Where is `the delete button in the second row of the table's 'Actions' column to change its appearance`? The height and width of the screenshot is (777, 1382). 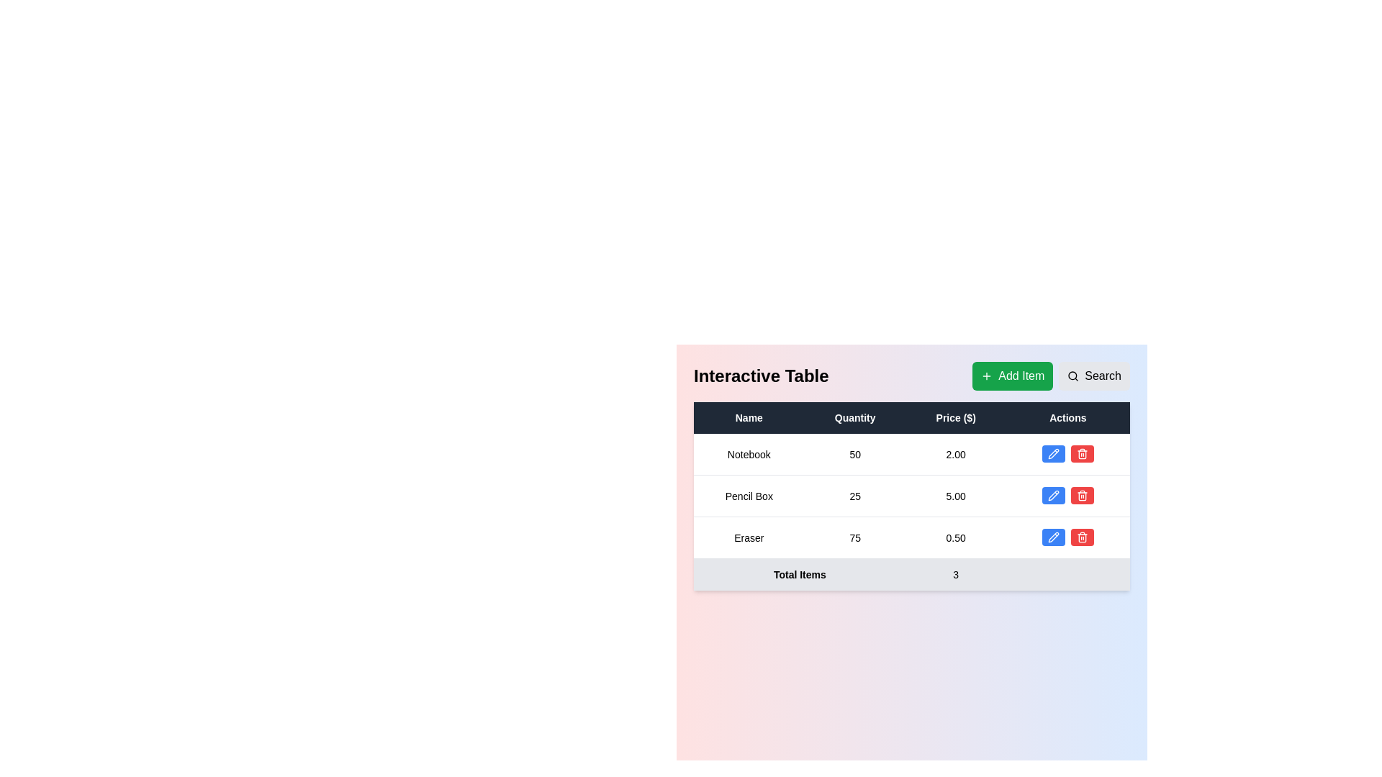 the delete button in the second row of the table's 'Actions' column to change its appearance is located at coordinates (1082, 495).